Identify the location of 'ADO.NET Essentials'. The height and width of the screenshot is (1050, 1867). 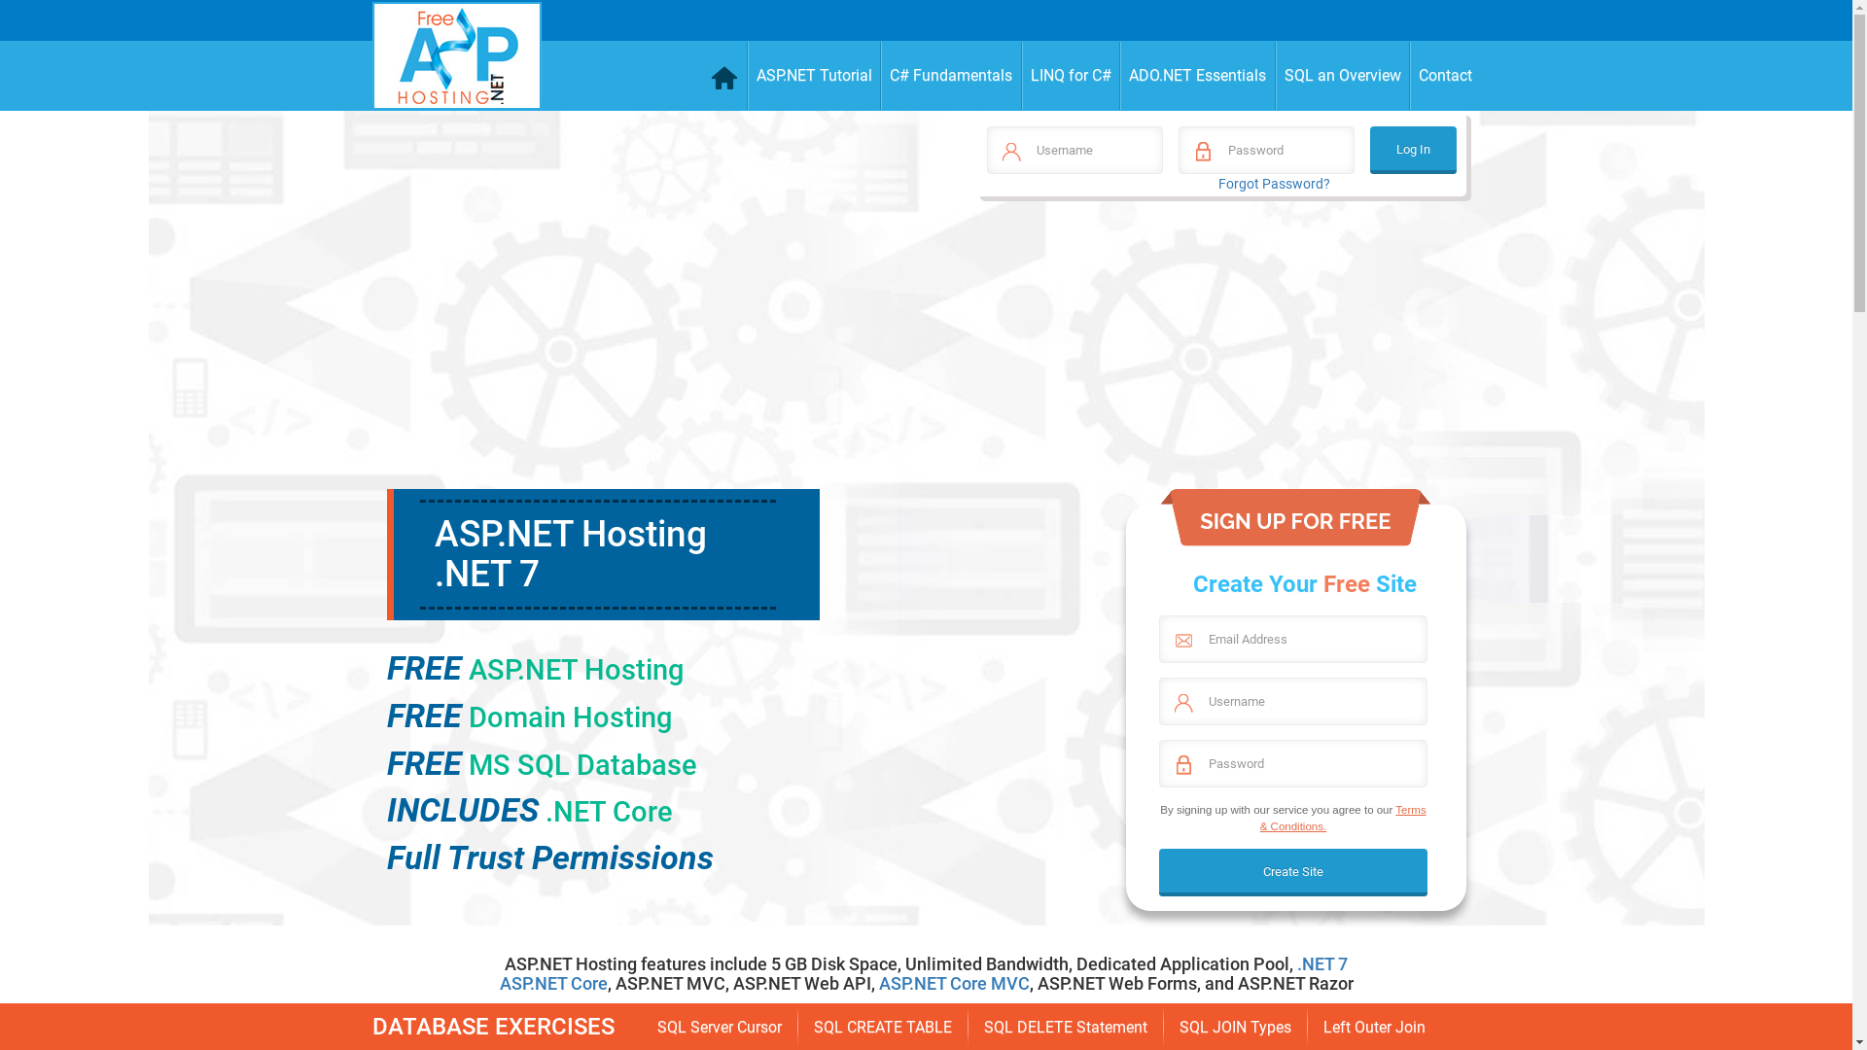
(1120, 74).